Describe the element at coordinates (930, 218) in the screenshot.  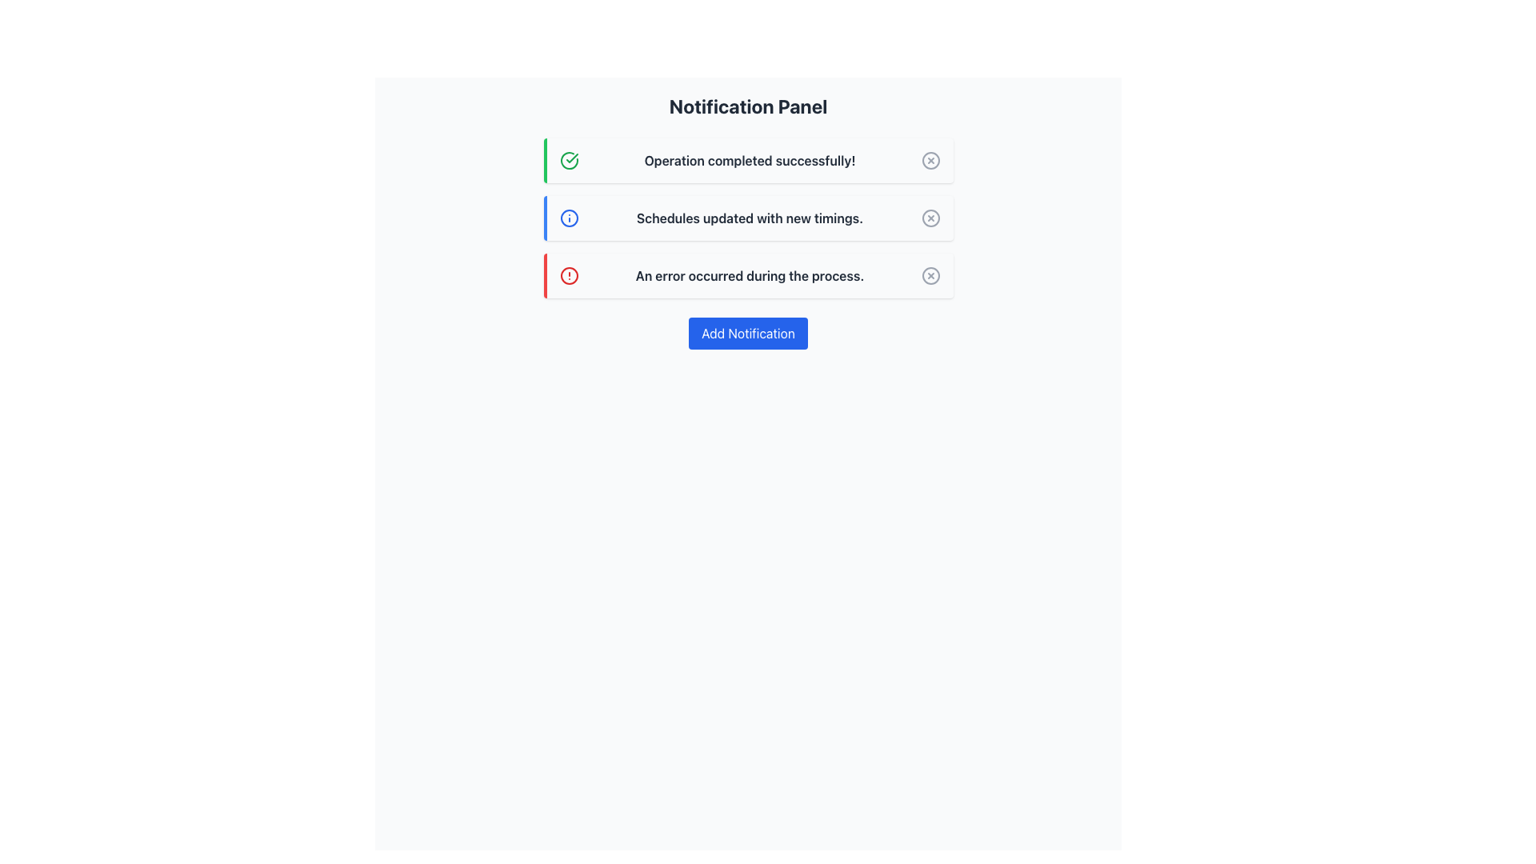
I see `the Vector Graphics - Circle that serves as the outer boundary of the notification icon located at the right side of the second notification item in the notification panel` at that location.